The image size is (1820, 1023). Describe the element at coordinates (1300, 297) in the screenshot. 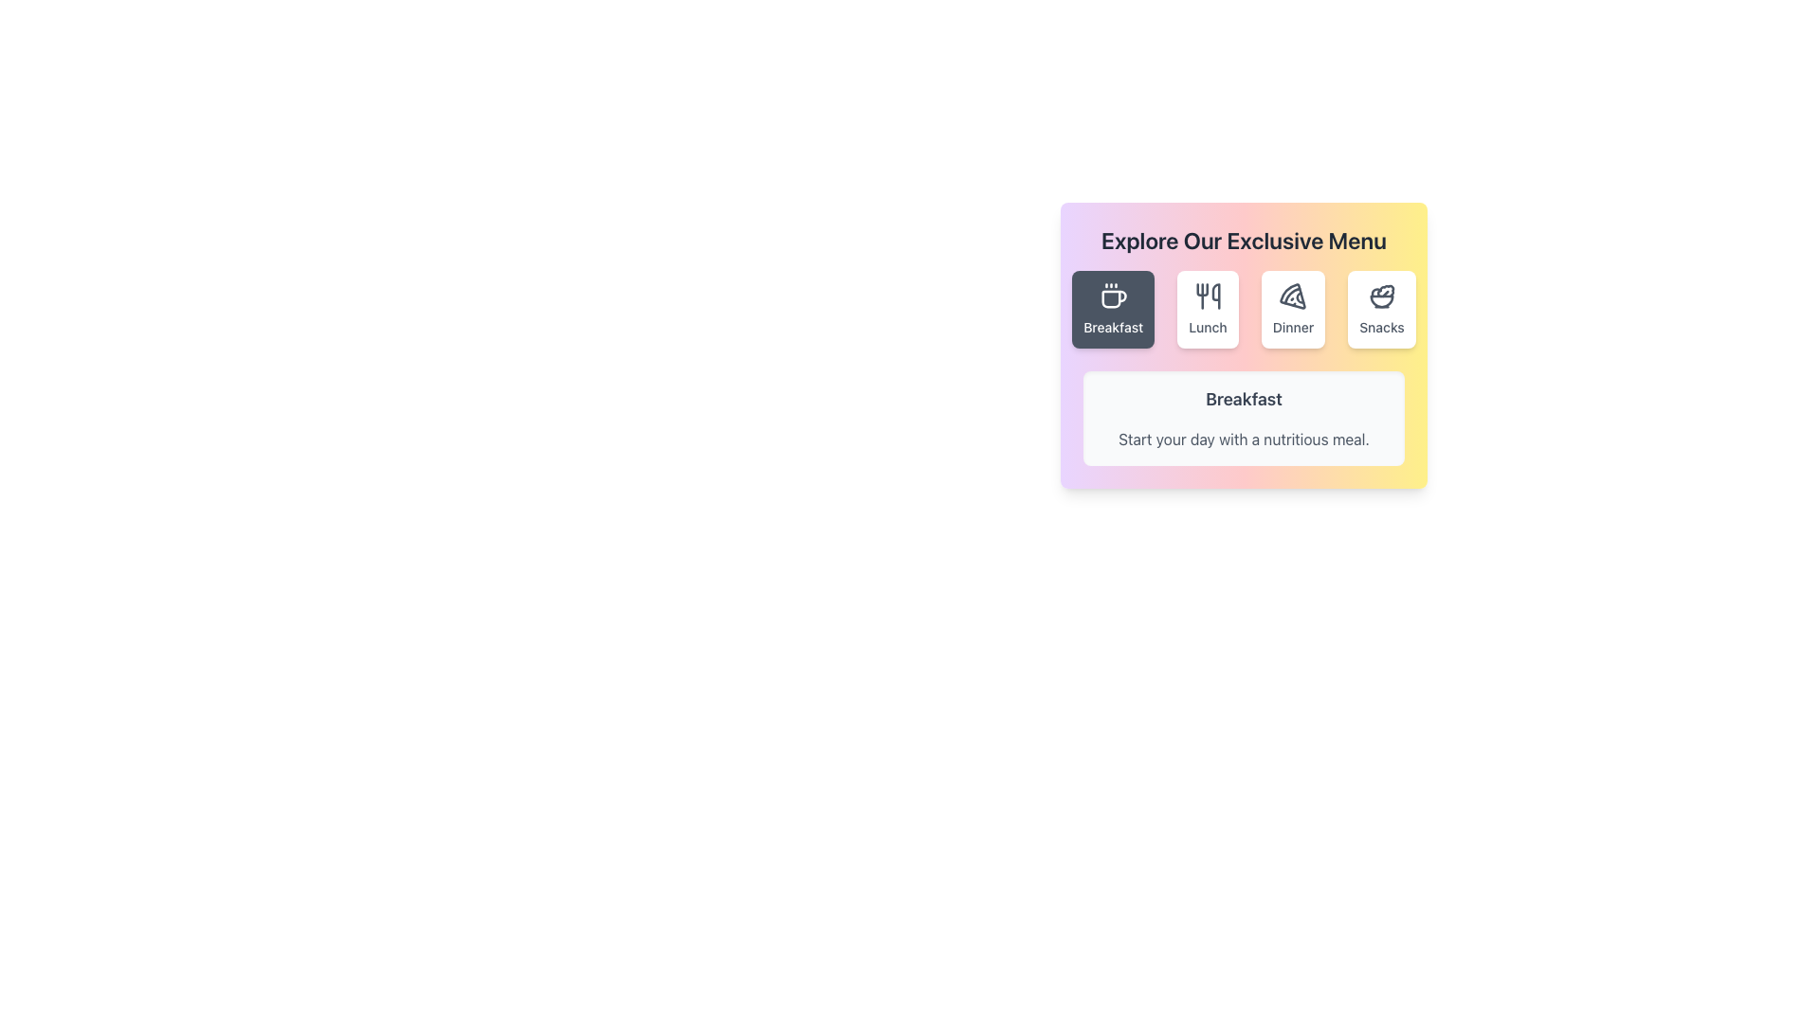

I see `the decorative component of the pizza slice icon located at the bottom-right segment of the SVG representation` at that location.